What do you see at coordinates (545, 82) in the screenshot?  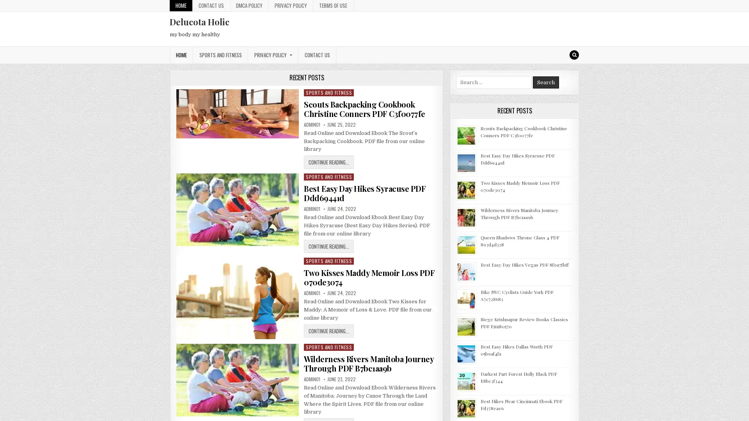 I see `Search` at bounding box center [545, 82].